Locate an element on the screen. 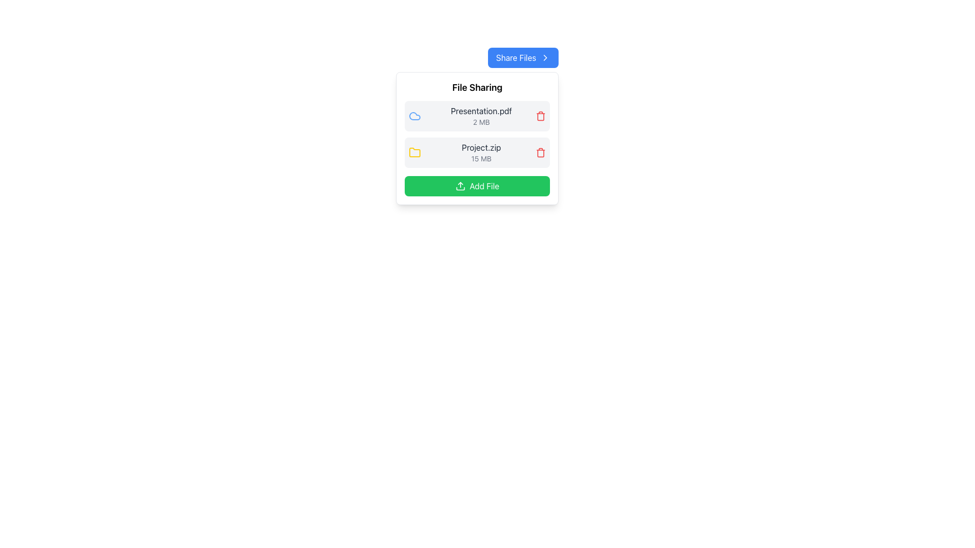 The width and height of the screenshot is (975, 548). the folder icon representing 'Project.zip', which is the second file entry in the file list interface is located at coordinates (415, 152).